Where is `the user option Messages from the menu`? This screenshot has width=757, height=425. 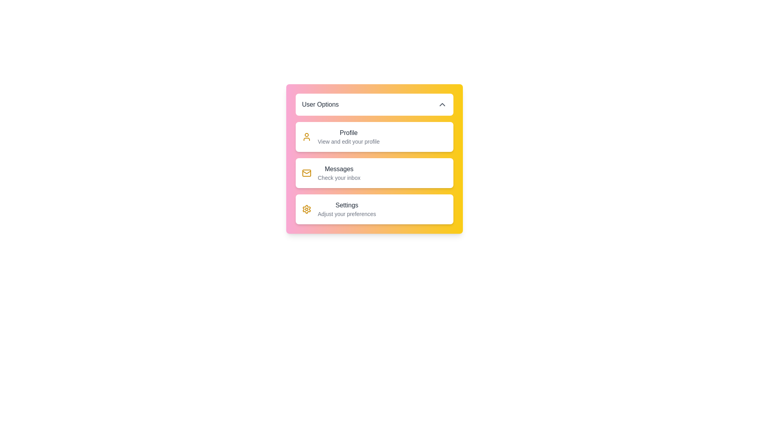
the user option Messages from the menu is located at coordinates (374, 172).